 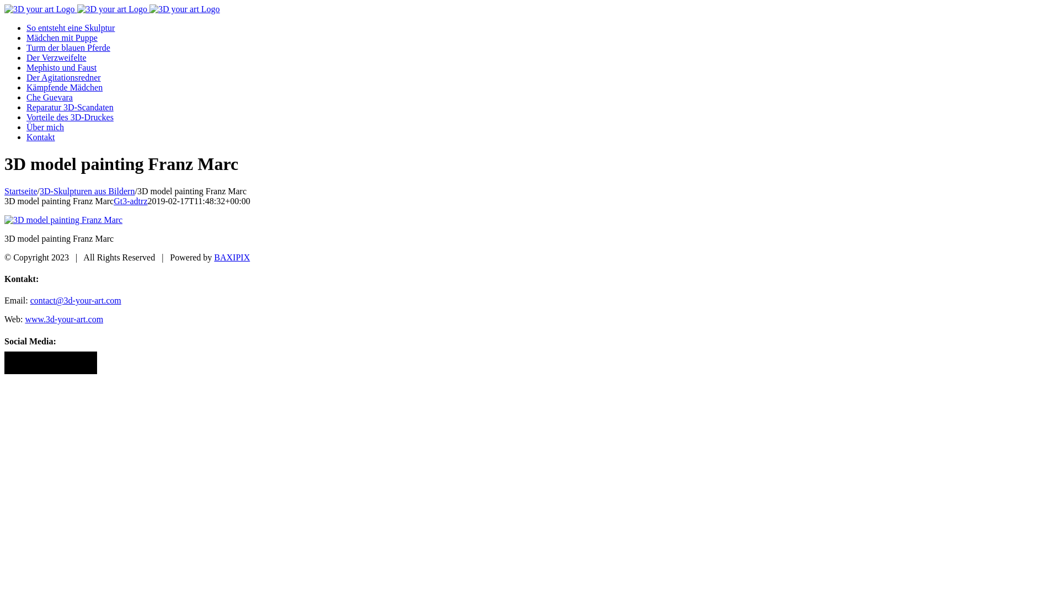 I want to click on 'Gt3-adtrz', so click(x=114, y=201).